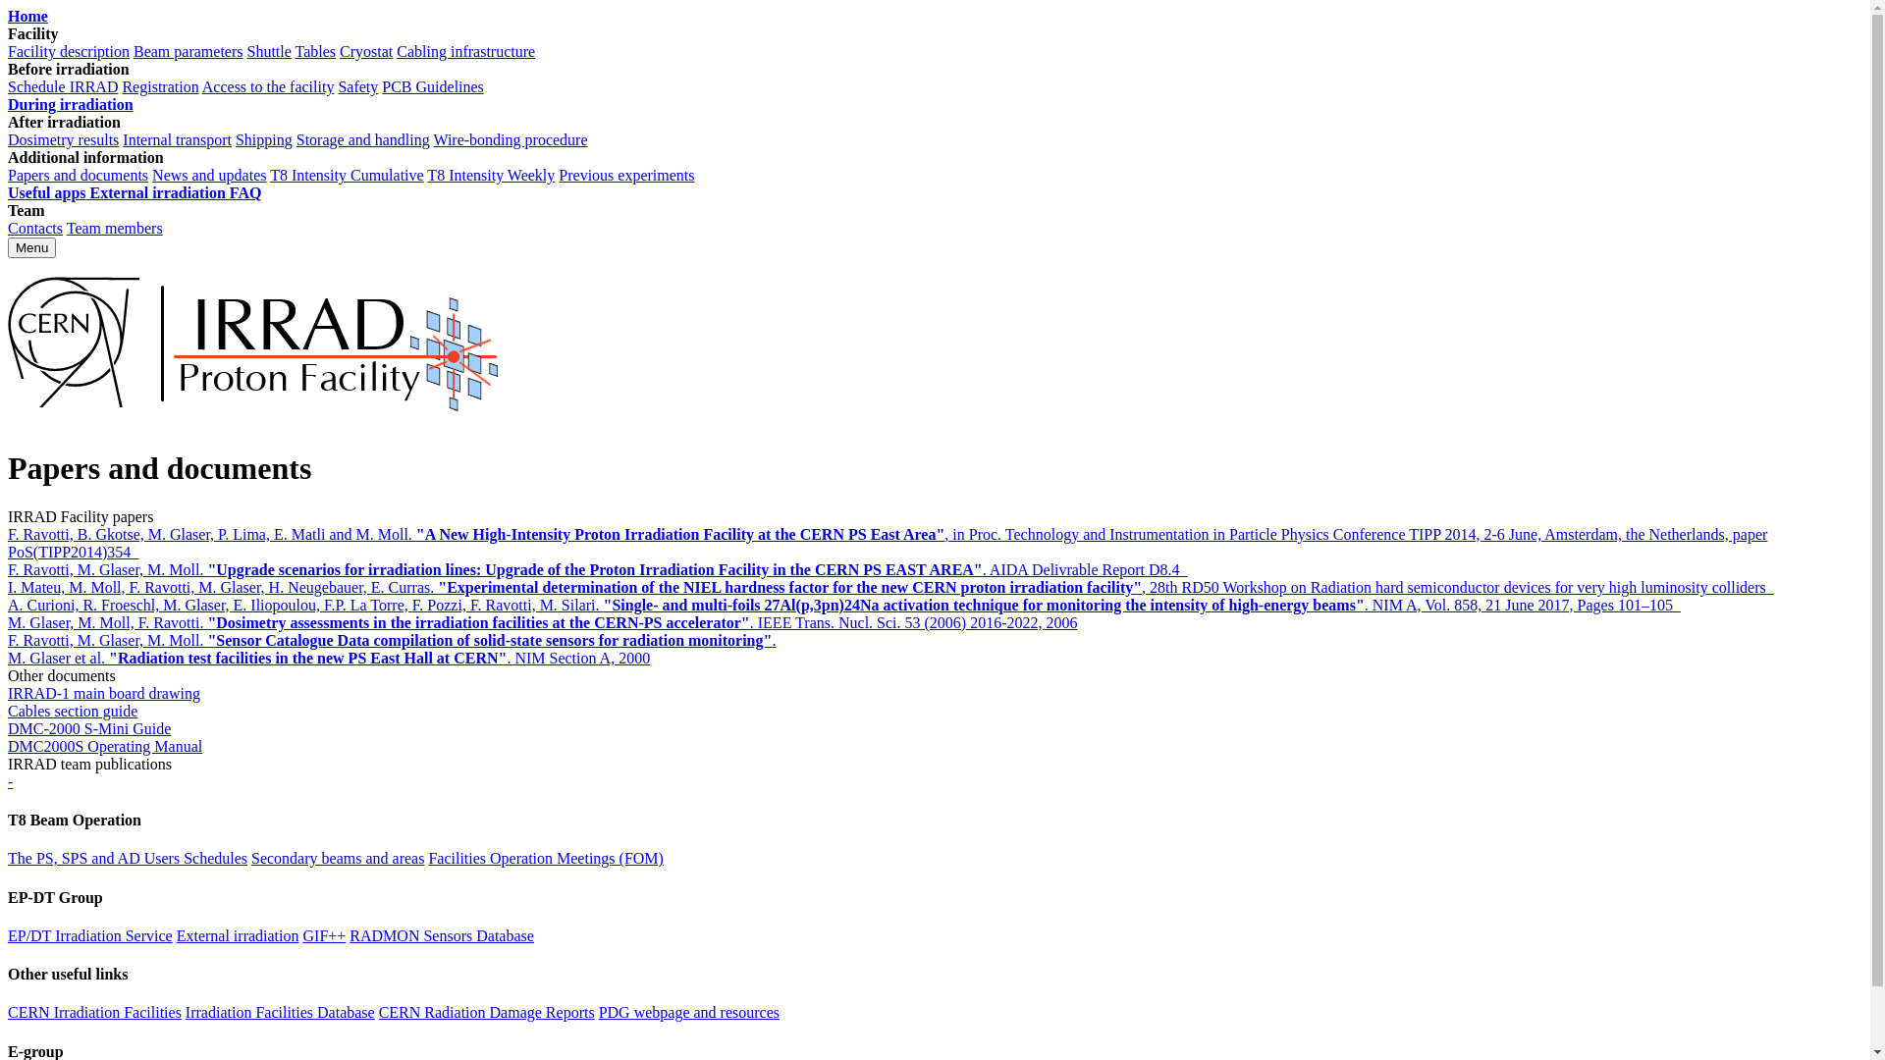 The image size is (1885, 1060). I want to click on 'Cables section guide', so click(72, 711).